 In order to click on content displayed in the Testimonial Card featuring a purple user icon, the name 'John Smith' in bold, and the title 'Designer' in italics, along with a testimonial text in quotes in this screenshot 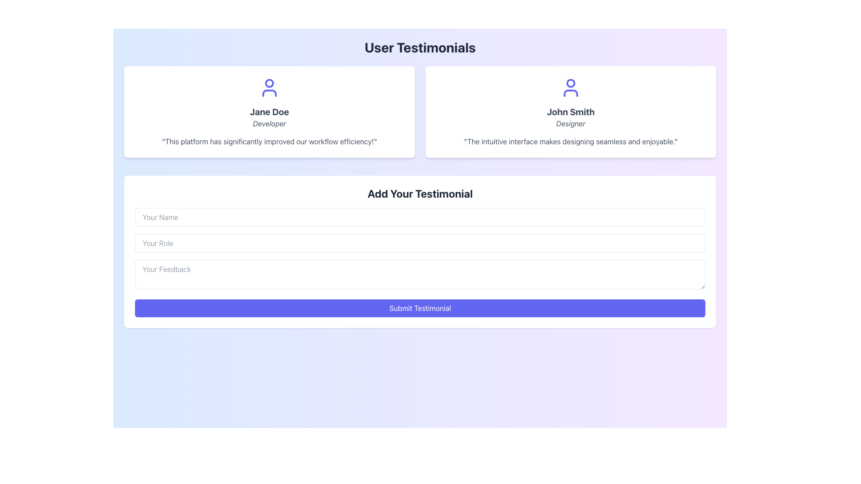, I will do `click(570, 112)`.